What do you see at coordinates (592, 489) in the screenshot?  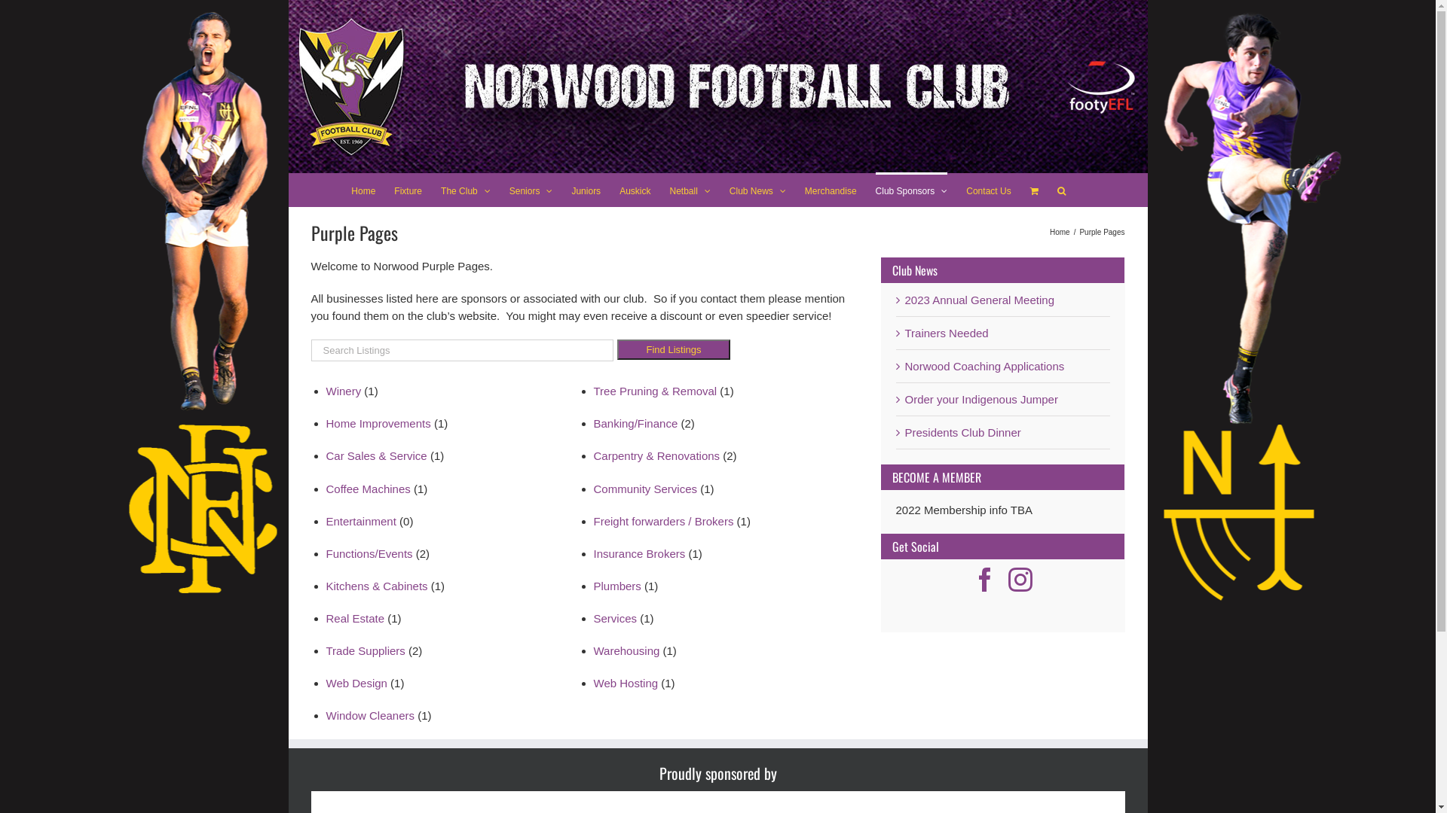 I see `'Community Services'` at bounding box center [592, 489].